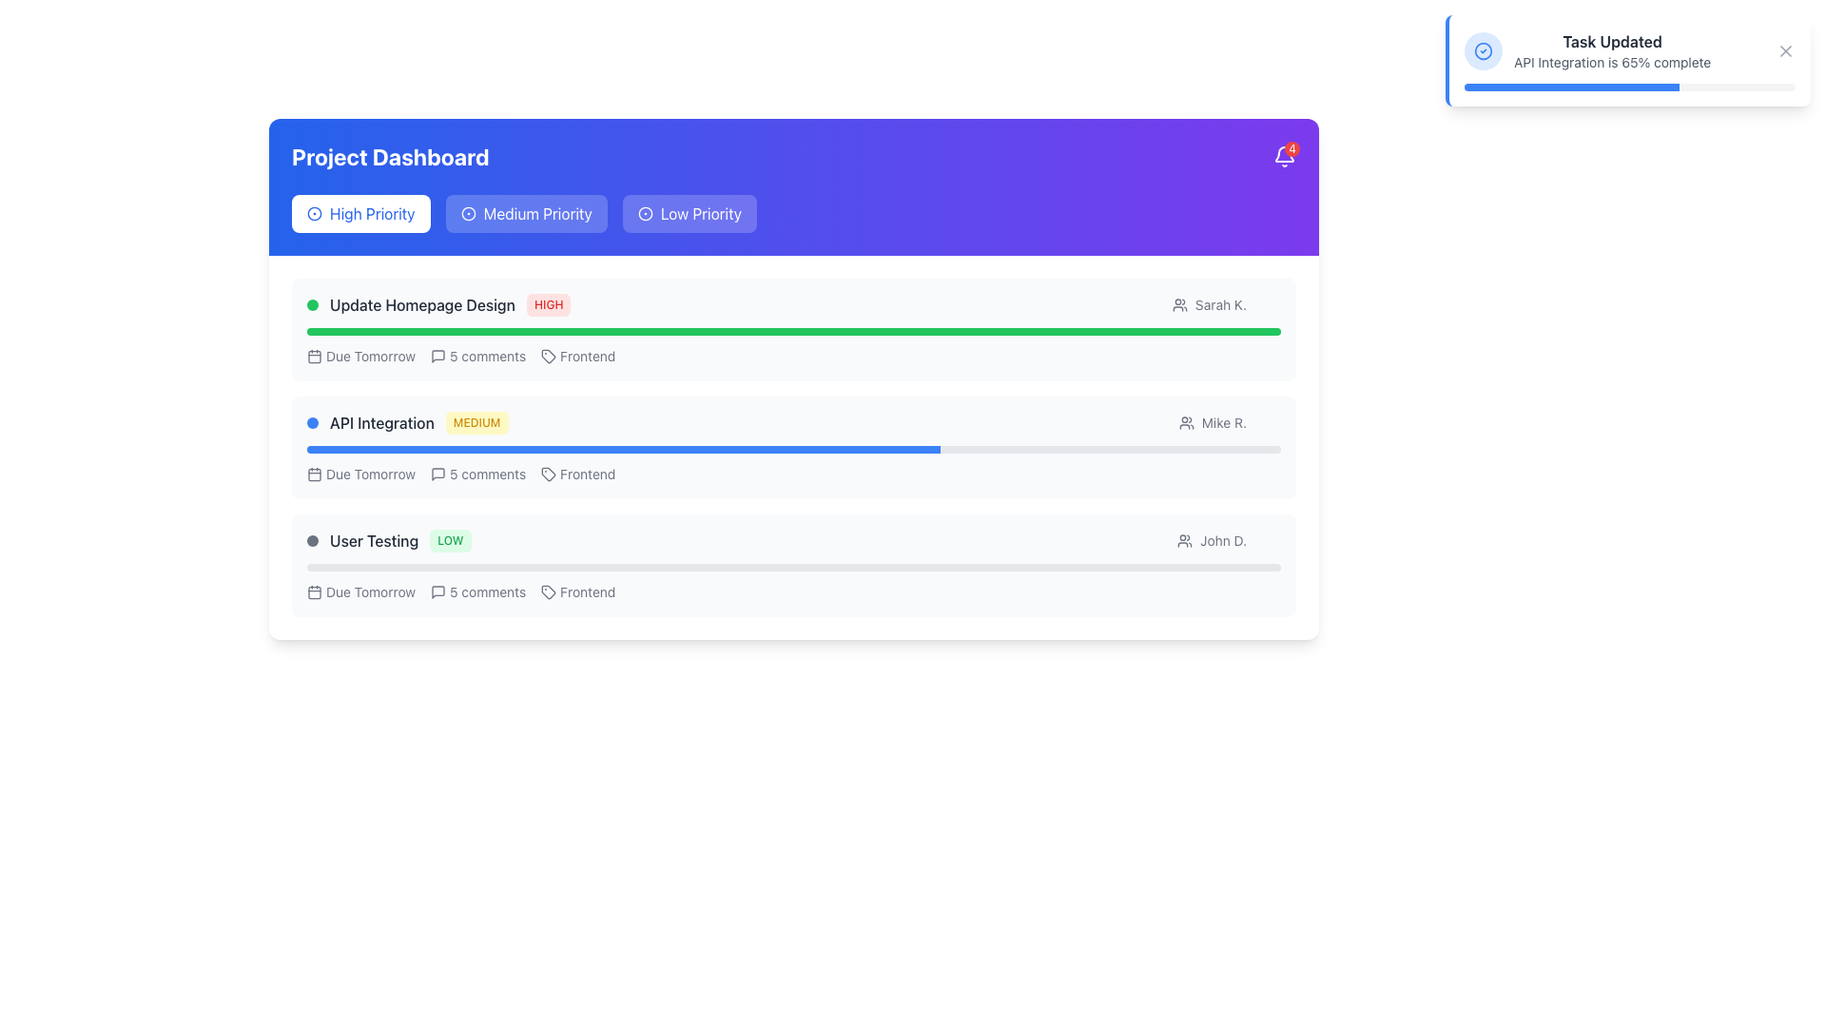  I want to click on the Notification card located in the top-right corner of the interface, which displays the task's progress and status updates, so click(1628, 60).